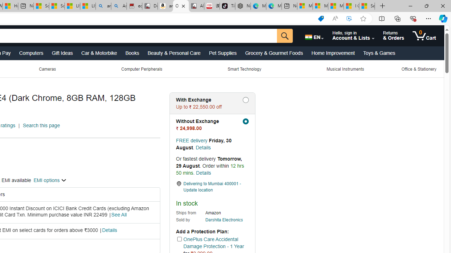  What do you see at coordinates (314, 35) in the screenshot?
I see `'Choose a language for shopping.'` at bounding box center [314, 35].